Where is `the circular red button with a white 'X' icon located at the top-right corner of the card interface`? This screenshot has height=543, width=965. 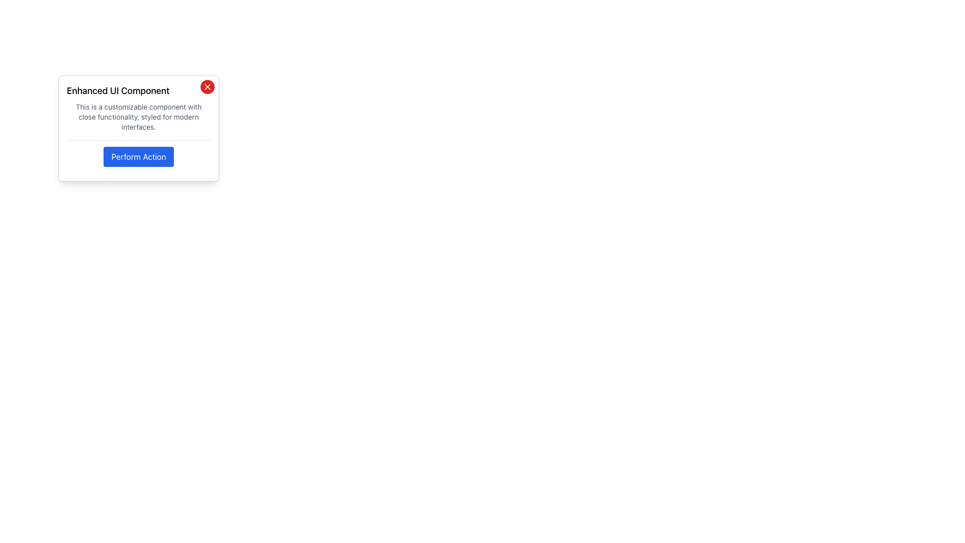
the circular red button with a white 'X' icon located at the top-right corner of the card interface is located at coordinates (207, 86).